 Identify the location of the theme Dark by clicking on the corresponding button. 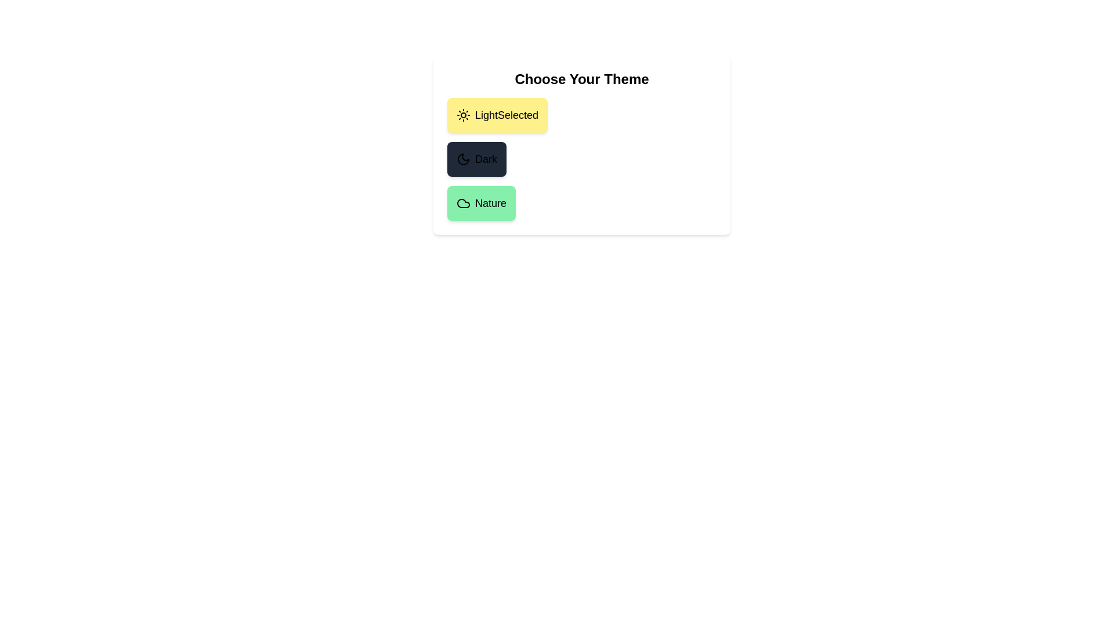
(476, 159).